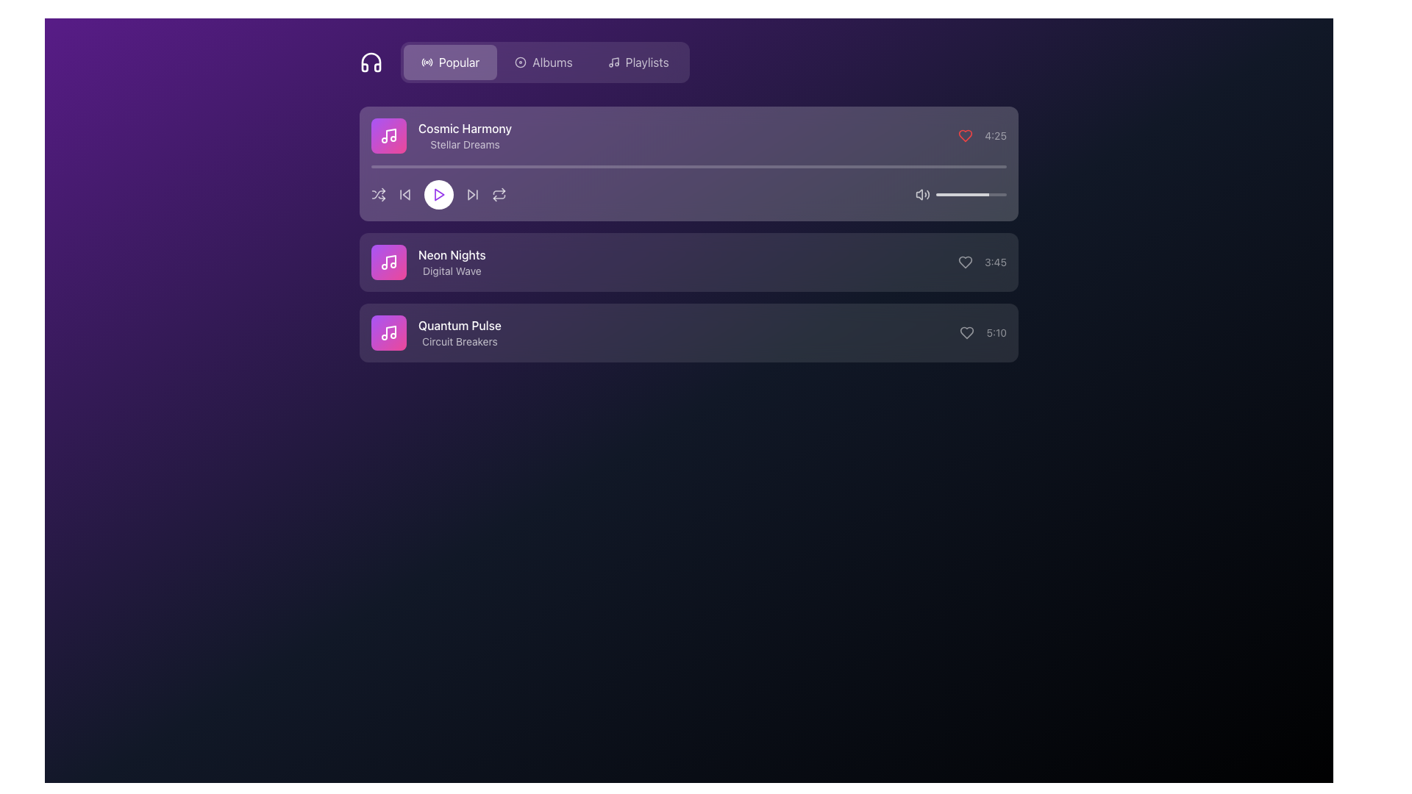 The image size is (1412, 794). I want to click on the playback toggle button located under the 'Cosmic Harmony' track to play or pause the media, so click(438, 194).